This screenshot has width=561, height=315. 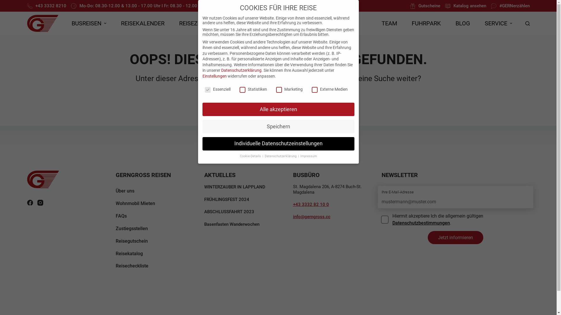 I want to click on 'Individuelle Datenschutzeinstellungen', so click(x=278, y=144).